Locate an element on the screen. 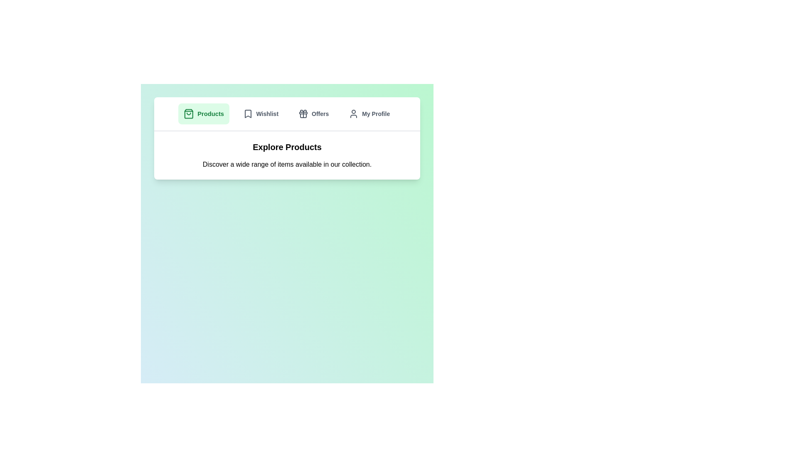 Image resolution: width=798 pixels, height=449 pixels. the 'Offers' SVG icon located in the top navigation bar is located at coordinates (303, 113).